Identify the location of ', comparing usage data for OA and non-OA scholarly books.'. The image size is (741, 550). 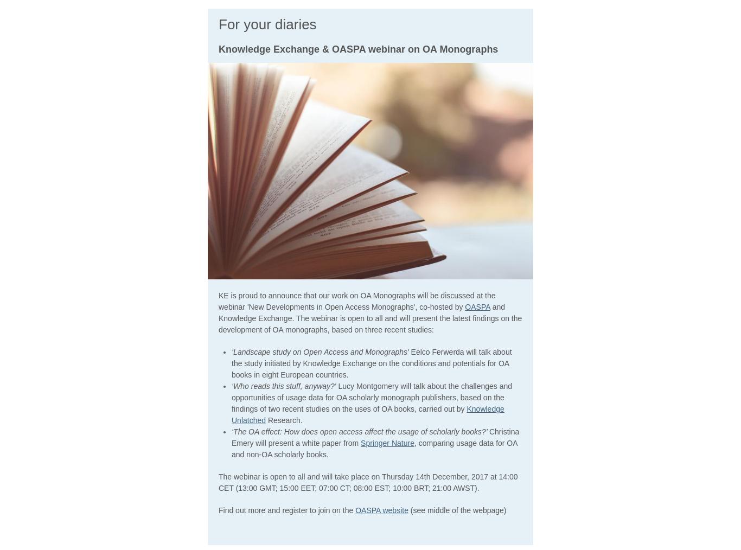
(231, 448).